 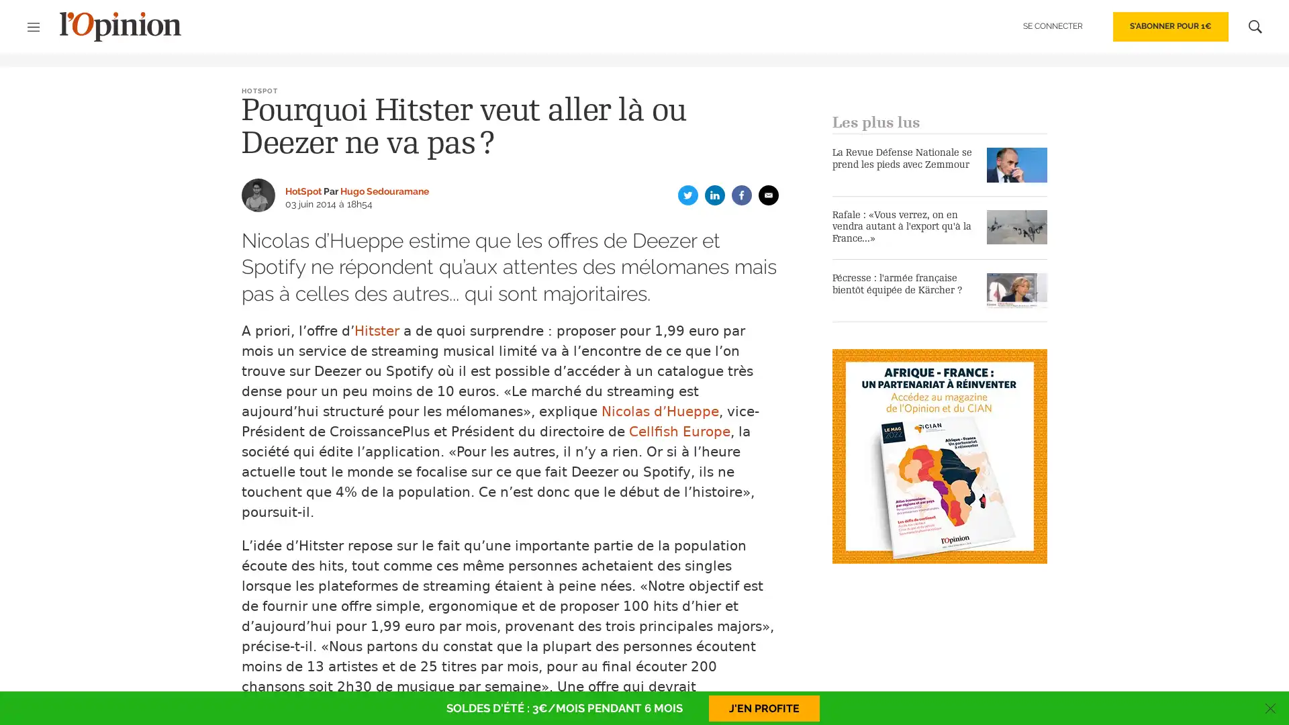 What do you see at coordinates (40, 26) in the screenshot?
I see `Menu` at bounding box center [40, 26].